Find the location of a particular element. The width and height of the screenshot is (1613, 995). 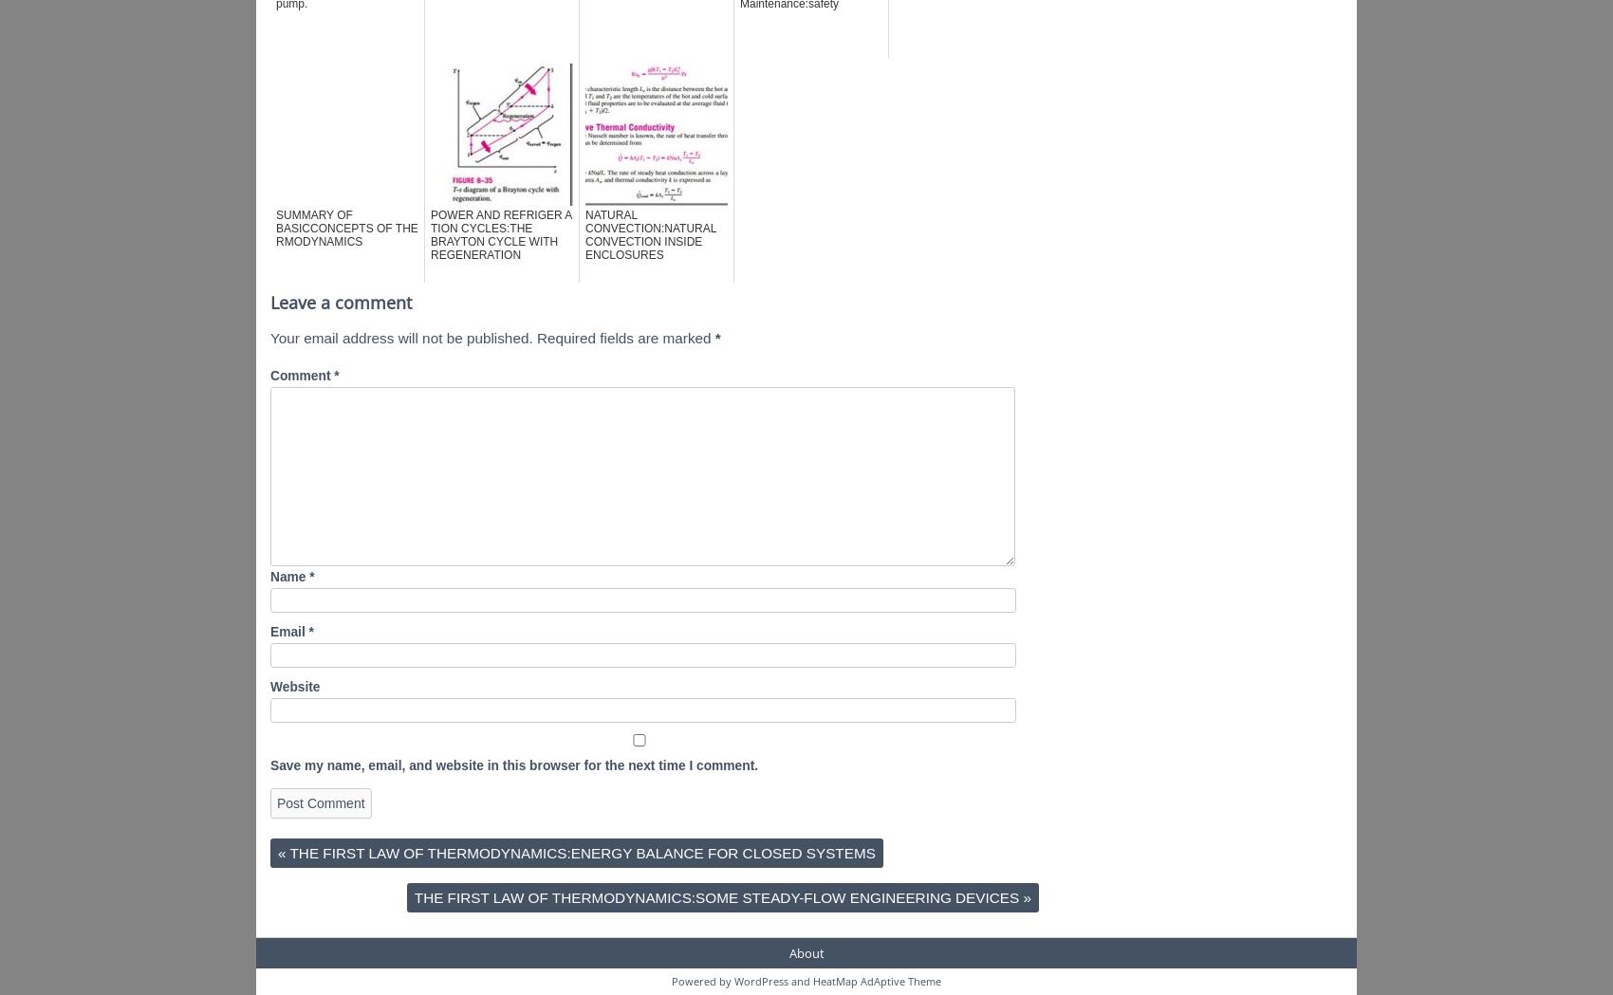

'Required fields are marked' is located at coordinates (624, 337).